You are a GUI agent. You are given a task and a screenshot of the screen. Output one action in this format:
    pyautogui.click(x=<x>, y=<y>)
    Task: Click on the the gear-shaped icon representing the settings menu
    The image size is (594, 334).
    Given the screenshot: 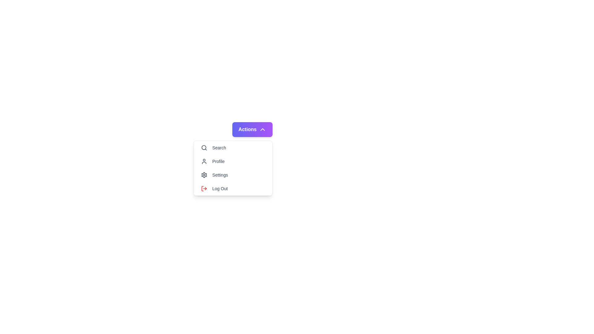 What is the action you would take?
    pyautogui.click(x=204, y=175)
    